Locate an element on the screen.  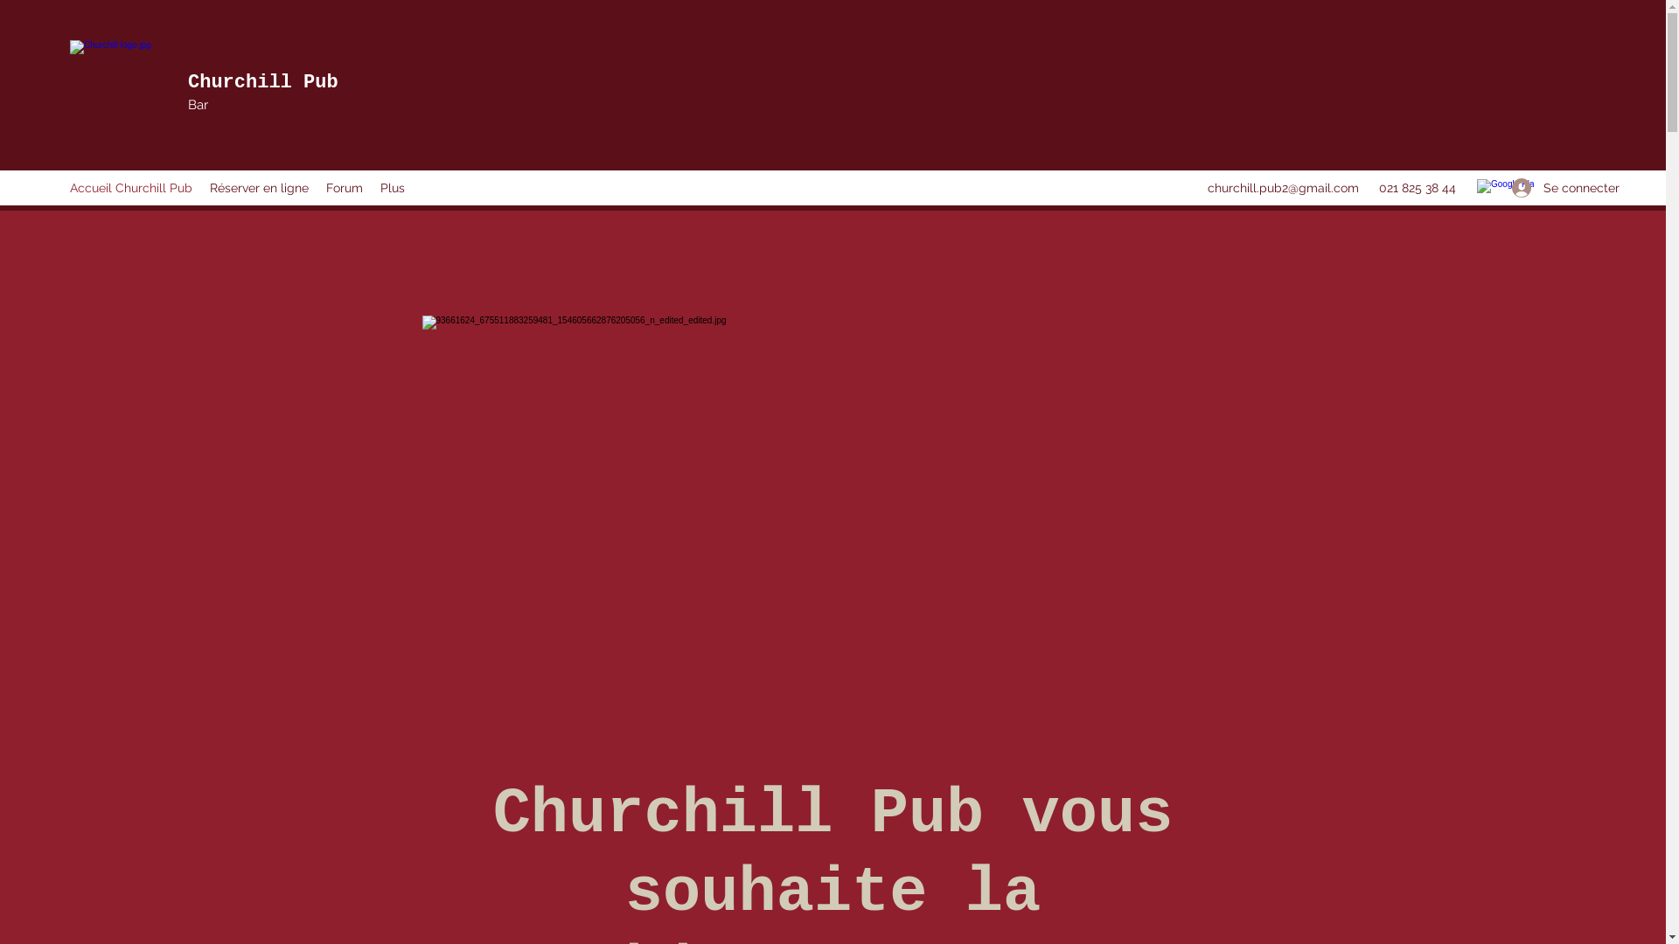
'churchill.pub2@gmail.com' is located at coordinates (1283, 188).